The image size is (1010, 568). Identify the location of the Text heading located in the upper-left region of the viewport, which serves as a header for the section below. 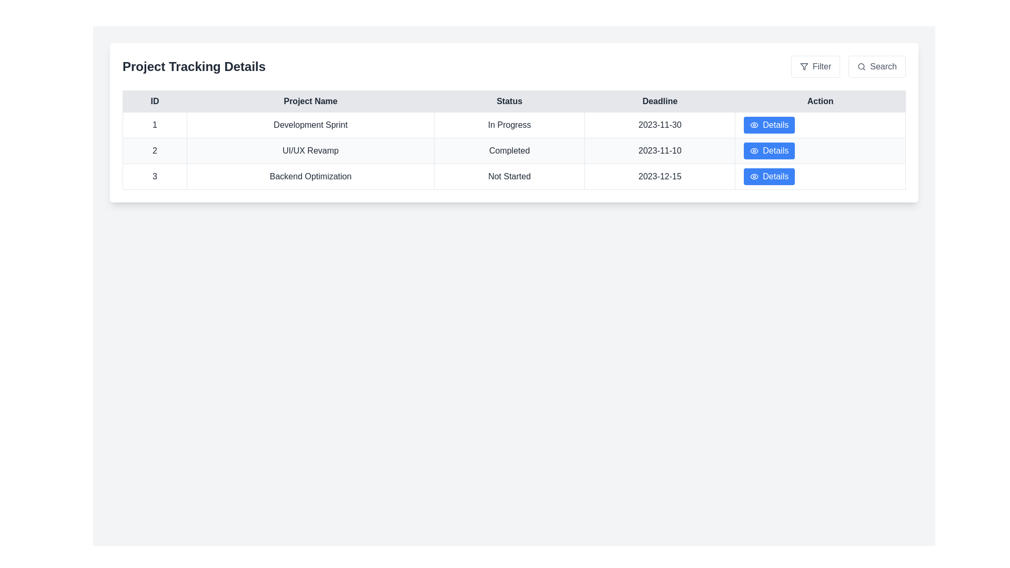
(194, 67).